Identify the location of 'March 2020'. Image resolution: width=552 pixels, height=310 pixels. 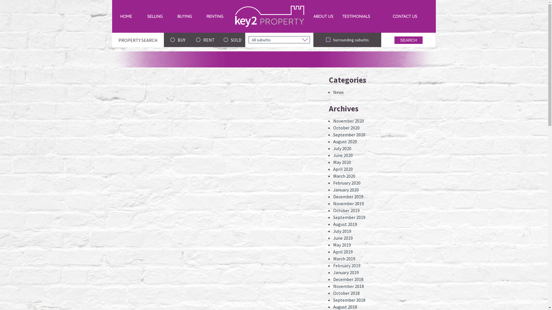
(344, 176).